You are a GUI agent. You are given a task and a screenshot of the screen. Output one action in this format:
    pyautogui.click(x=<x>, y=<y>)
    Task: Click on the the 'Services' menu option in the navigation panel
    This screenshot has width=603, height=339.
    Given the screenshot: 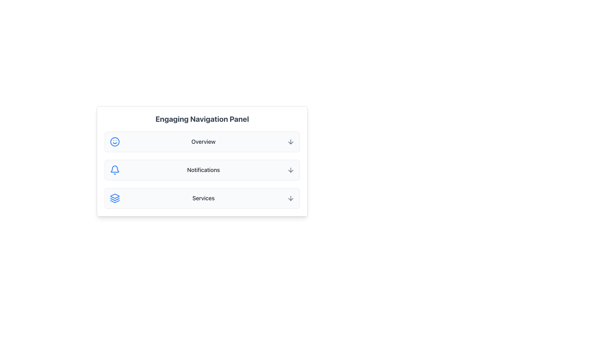 What is the action you would take?
    pyautogui.click(x=202, y=198)
    